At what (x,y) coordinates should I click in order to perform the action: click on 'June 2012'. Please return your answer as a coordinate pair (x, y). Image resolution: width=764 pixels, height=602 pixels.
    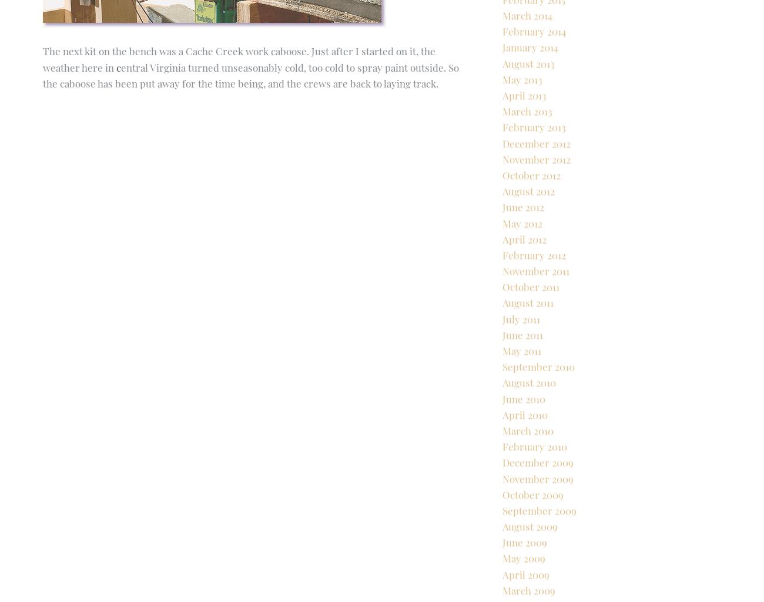
    Looking at the image, I should click on (522, 246).